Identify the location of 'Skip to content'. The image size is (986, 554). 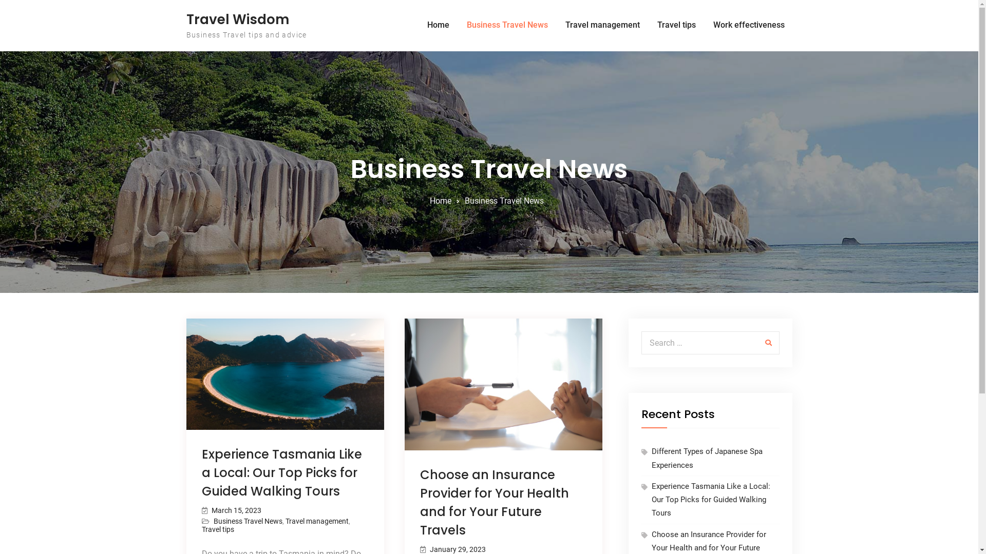
(0, 0).